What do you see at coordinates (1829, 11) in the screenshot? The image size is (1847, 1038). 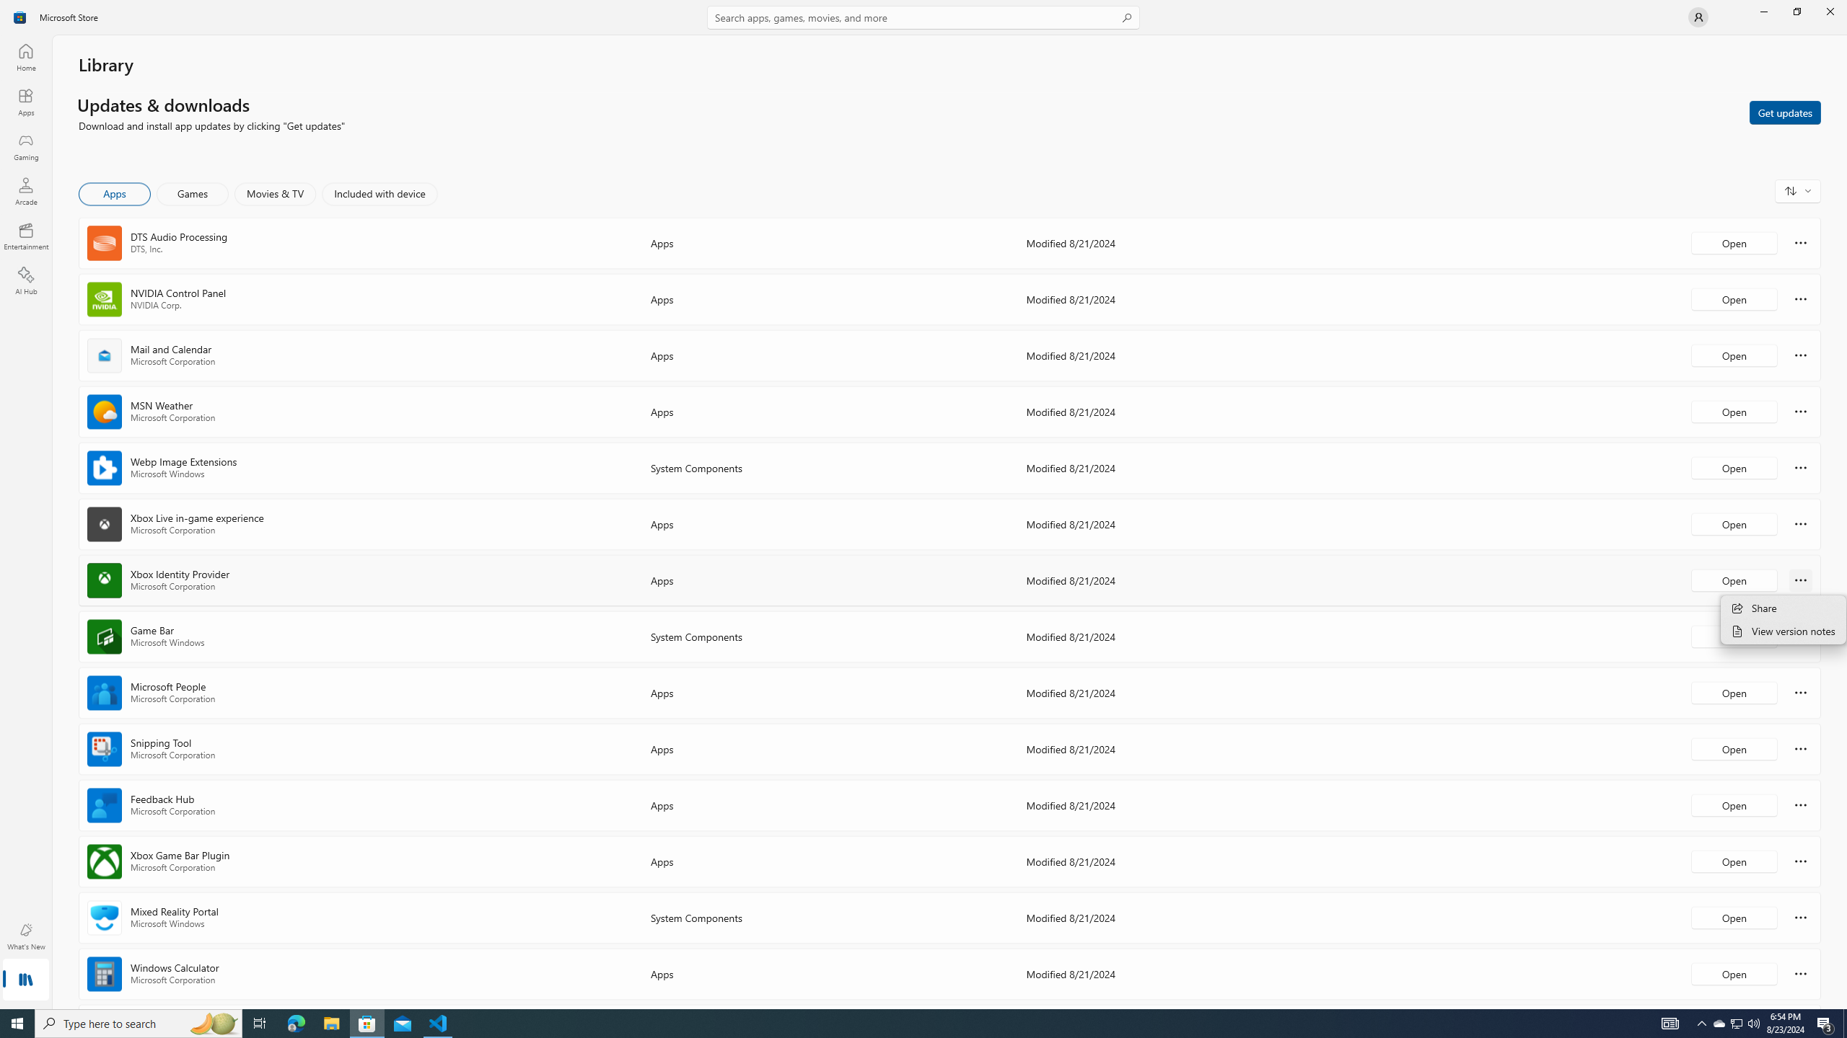 I see `'Close Microsoft Store'` at bounding box center [1829, 11].